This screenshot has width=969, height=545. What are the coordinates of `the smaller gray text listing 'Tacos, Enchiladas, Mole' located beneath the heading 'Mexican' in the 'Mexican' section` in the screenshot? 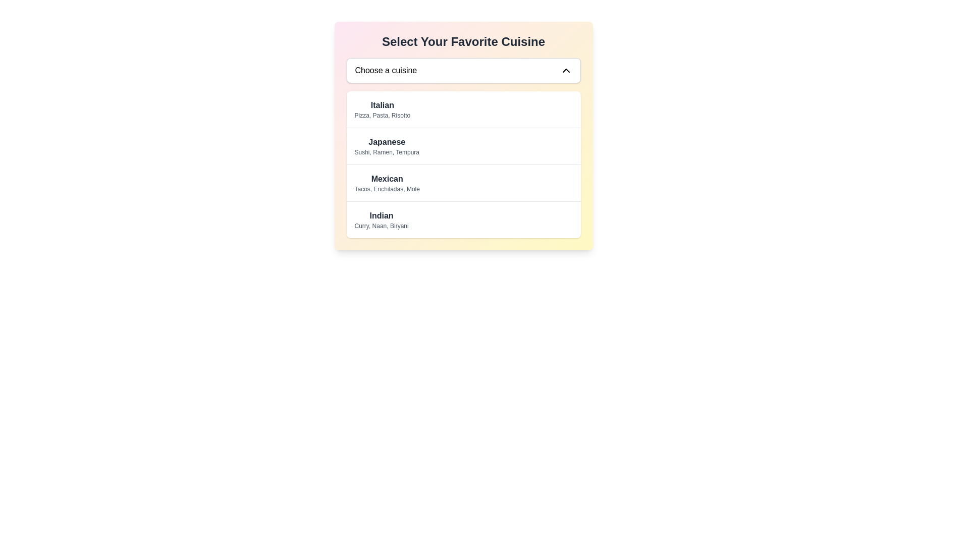 It's located at (387, 189).